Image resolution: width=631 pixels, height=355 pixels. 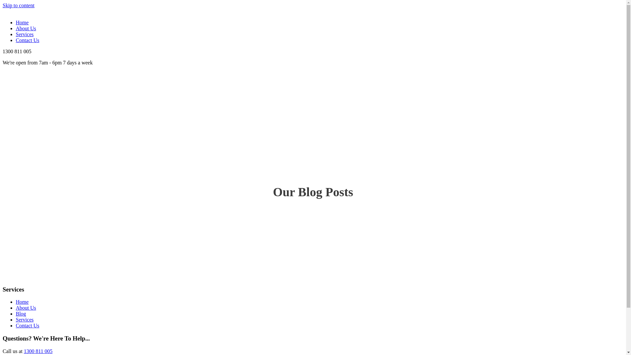 What do you see at coordinates (16, 319) in the screenshot?
I see `'Services'` at bounding box center [16, 319].